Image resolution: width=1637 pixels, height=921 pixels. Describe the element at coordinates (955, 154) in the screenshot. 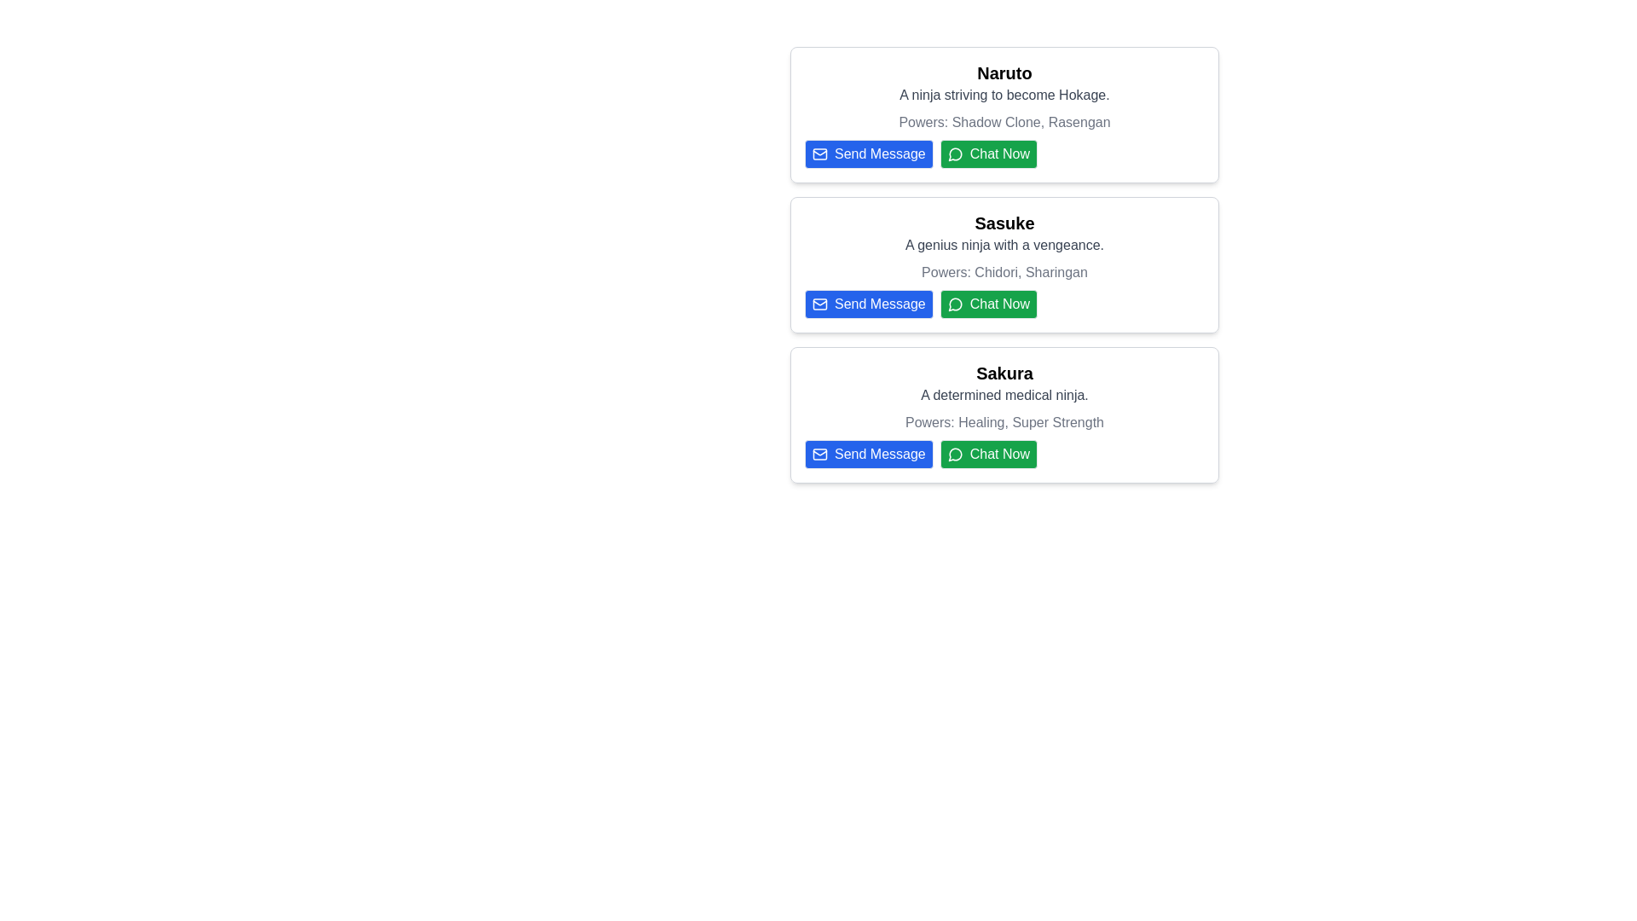

I see `the chat action icon, which is a speech bubble with a muted green stroke outline, located inside the 'Chat Now' button at the bottom right corner of the 'Naruto' card` at that location.